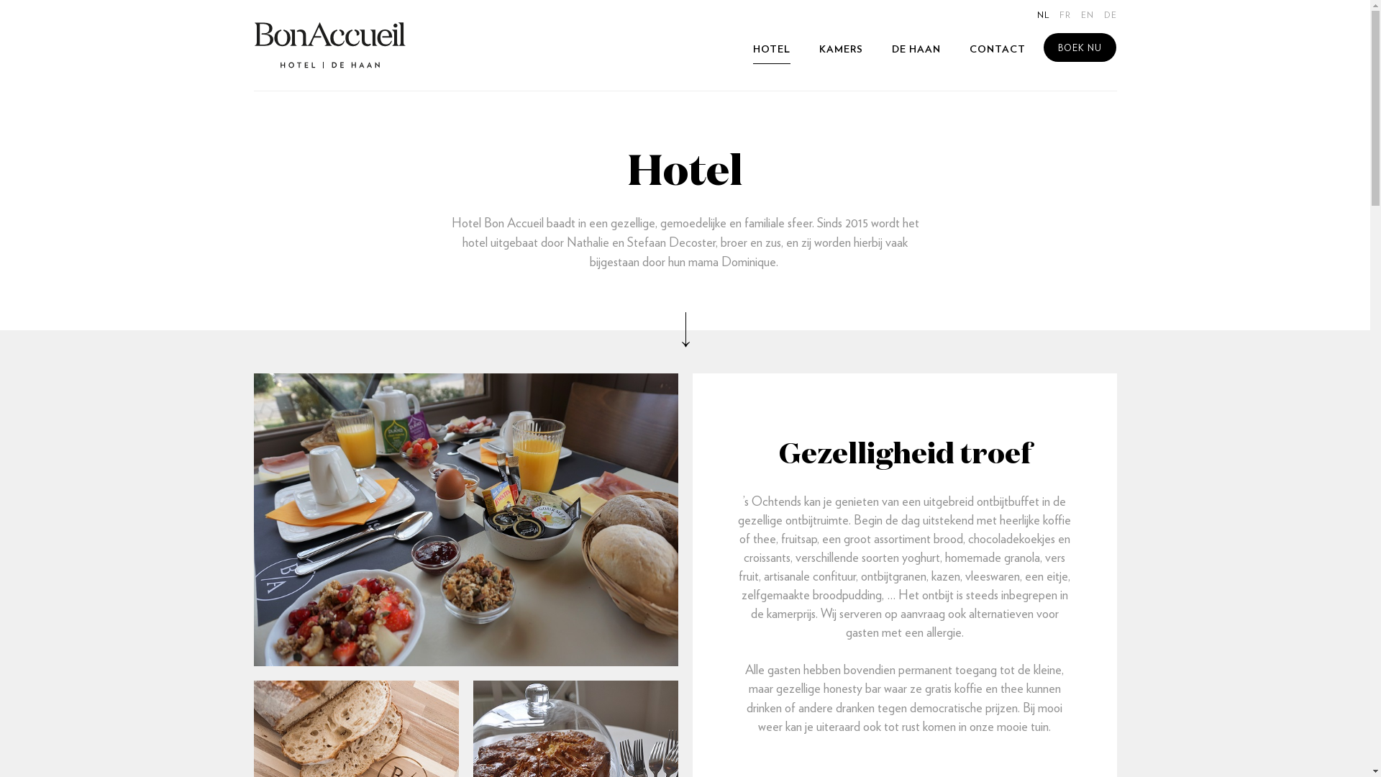 This screenshot has width=1381, height=777. Describe the element at coordinates (1064, 15) in the screenshot. I see `'FR'` at that location.